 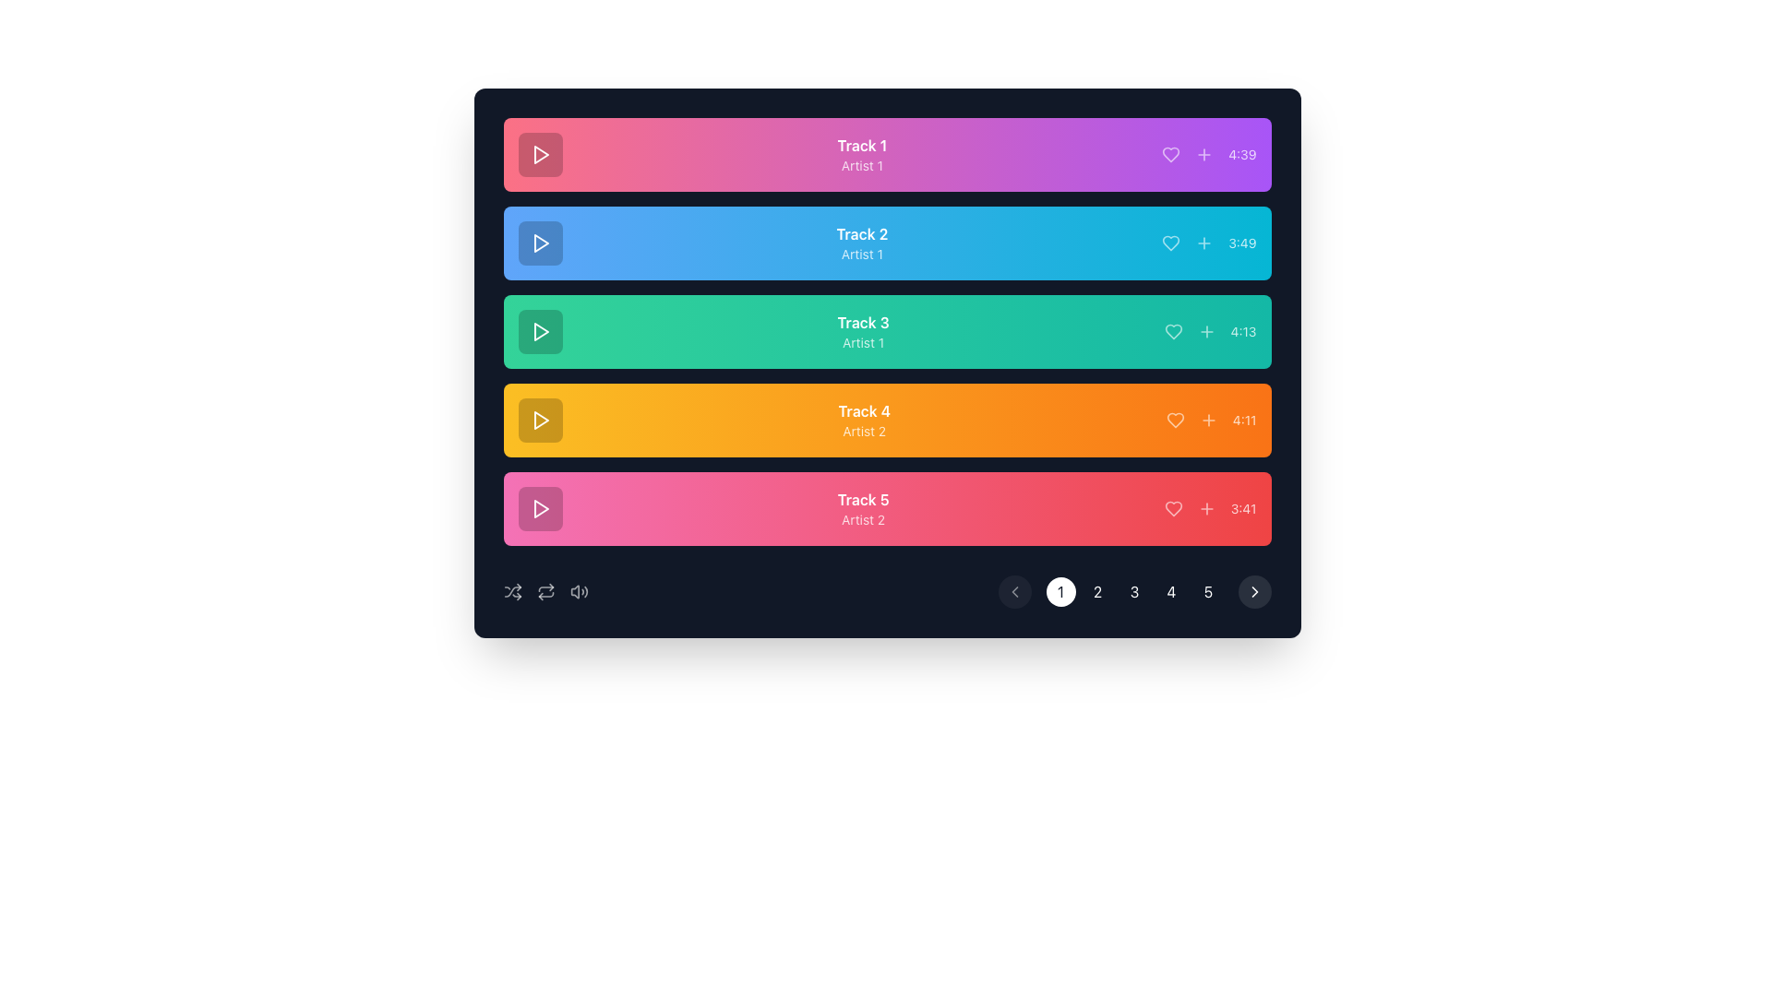 I want to click on the volume control icon located in the bottom control bar to adjust the volume, so click(x=573, y=591).